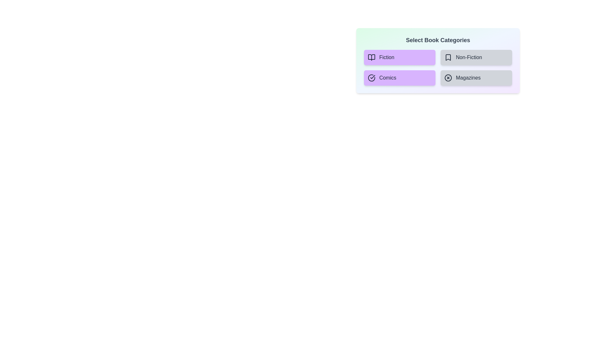 The width and height of the screenshot is (613, 345). I want to click on the category Fiction to see its hover effect, so click(399, 57).